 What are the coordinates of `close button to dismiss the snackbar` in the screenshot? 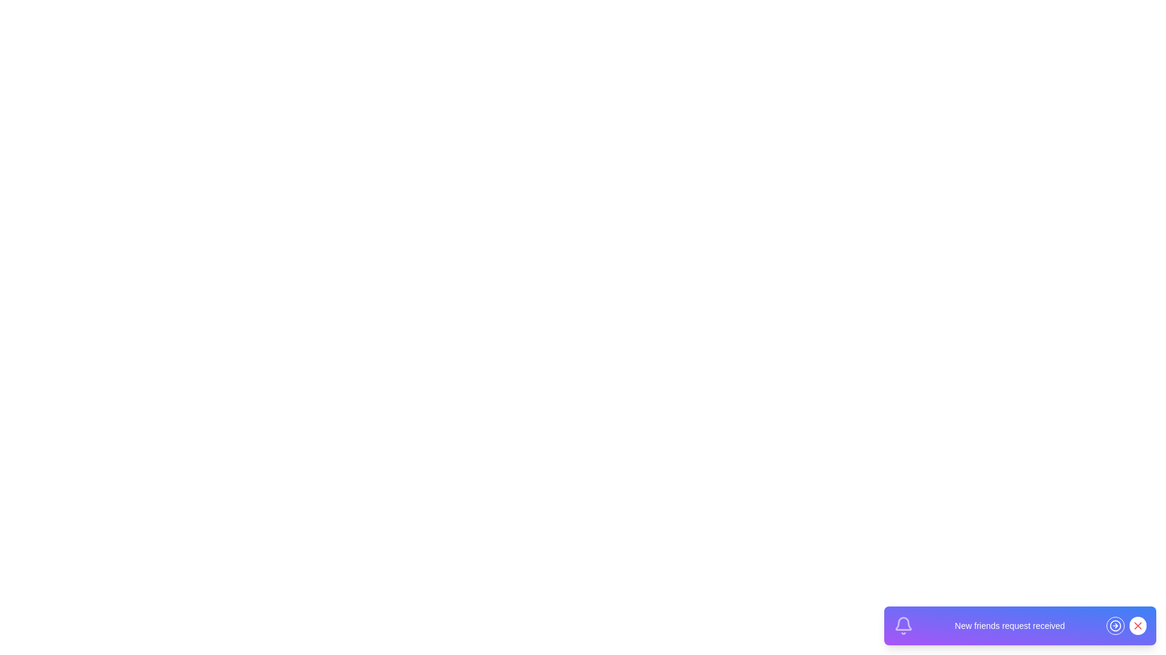 It's located at (1137, 626).